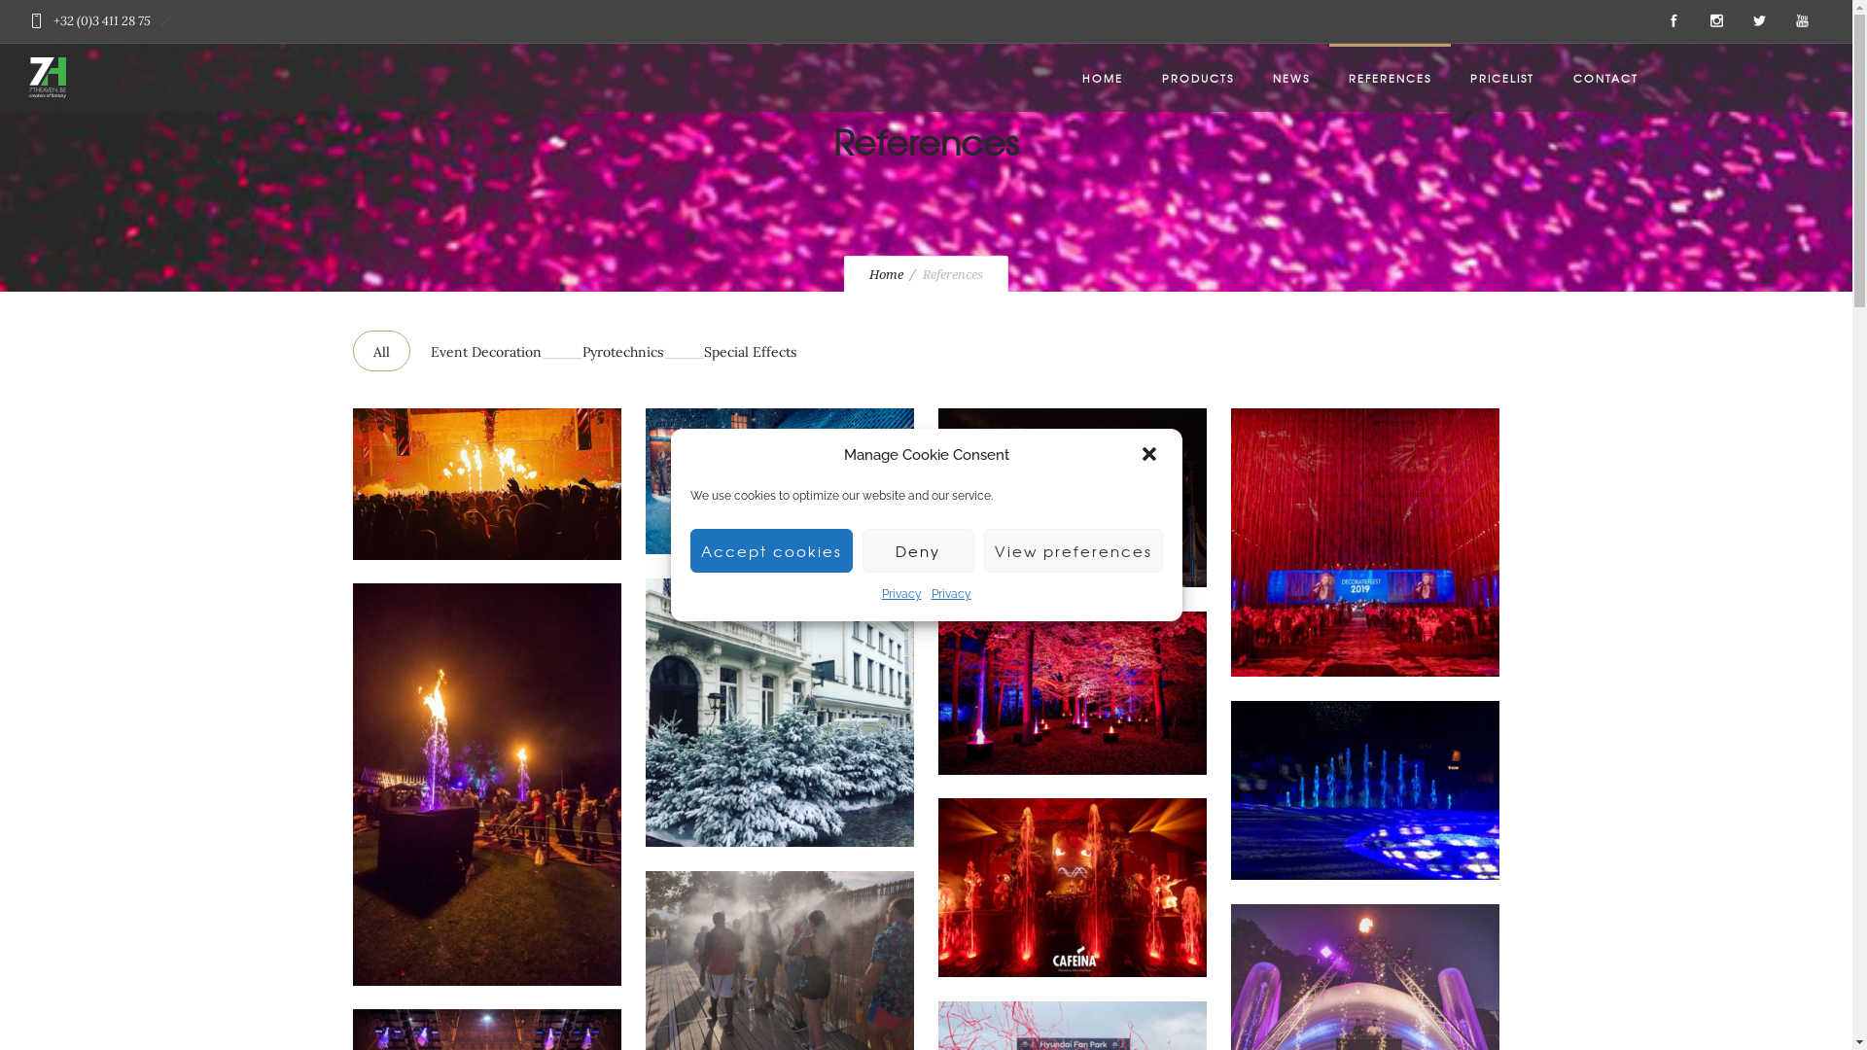  I want to click on 'PRICELIST', so click(1501, 77).